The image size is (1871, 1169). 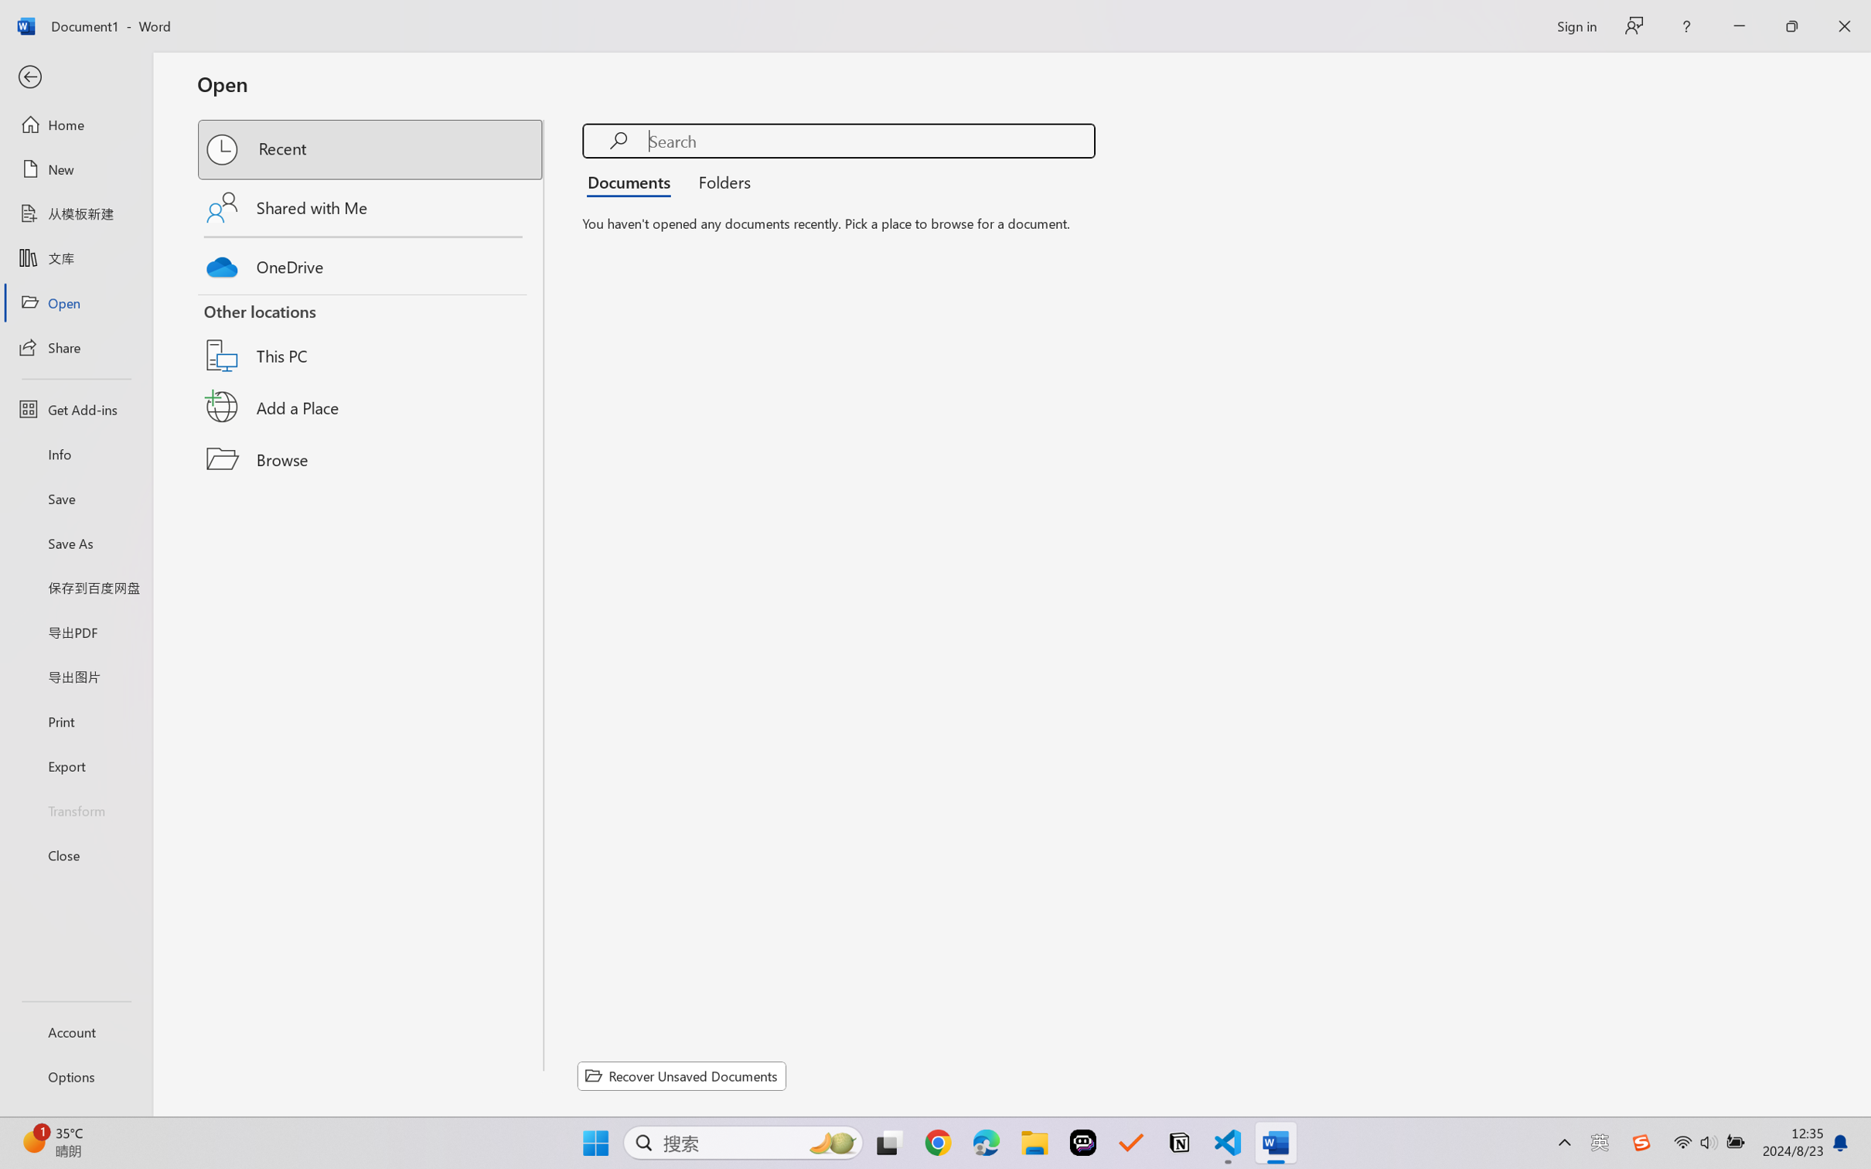 What do you see at coordinates (75, 1075) in the screenshot?
I see `'Options'` at bounding box center [75, 1075].